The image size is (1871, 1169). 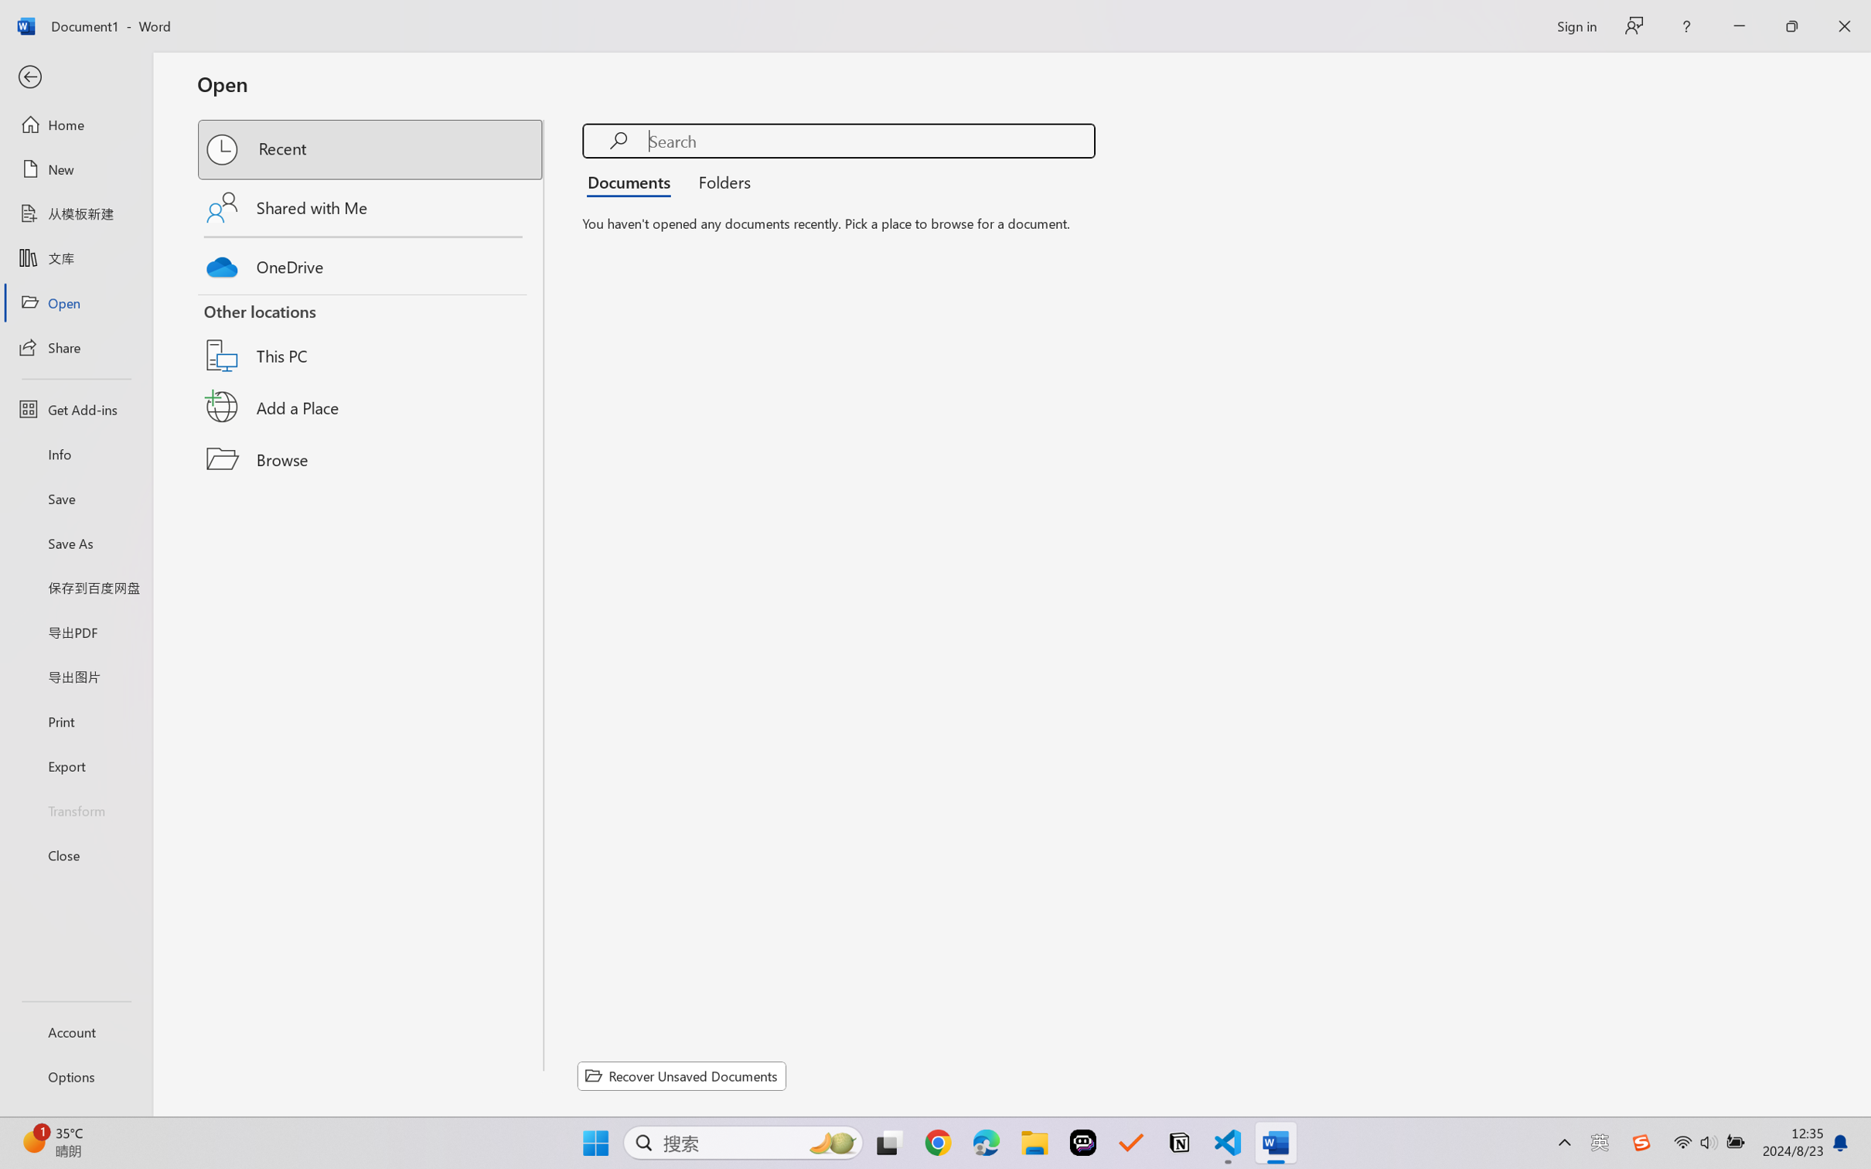 What do you see at coordinates (75, 1075) in the screenshot?
I see `'Options'` at bounding box center [75, 1075].